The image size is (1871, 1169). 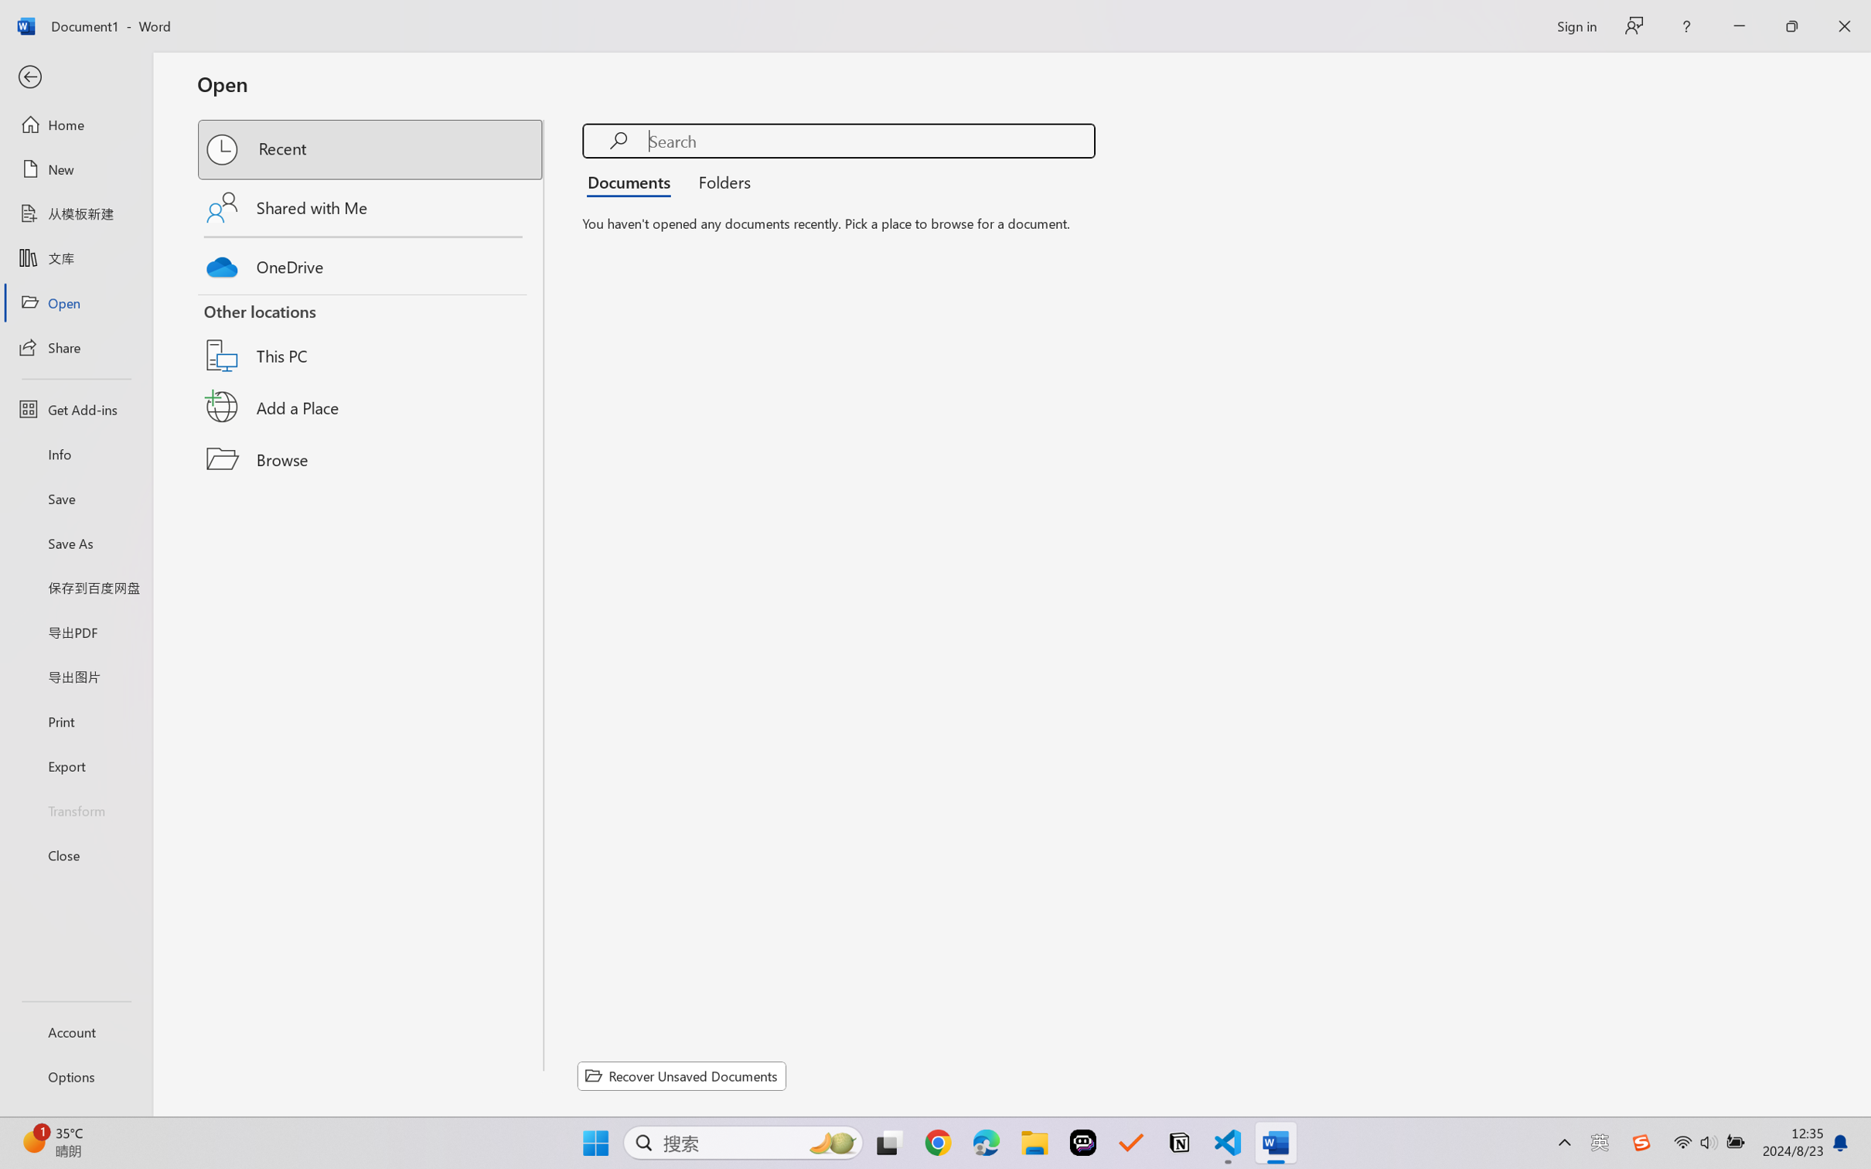 What do you see at coordinates (75, 1075) in the screenshot?
I see `'Options'` at bounding box center [75, 1075].